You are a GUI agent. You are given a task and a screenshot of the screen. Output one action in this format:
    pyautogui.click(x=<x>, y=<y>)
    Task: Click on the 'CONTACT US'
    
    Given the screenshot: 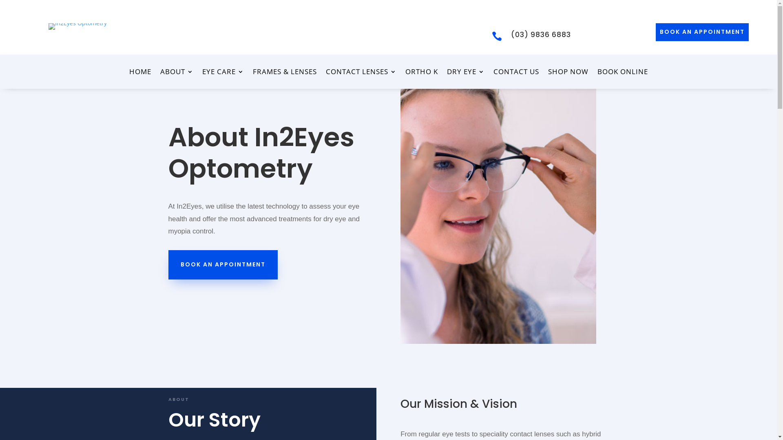 What is the action you would take?
    pyautogui.click(x=516, y=73)
    